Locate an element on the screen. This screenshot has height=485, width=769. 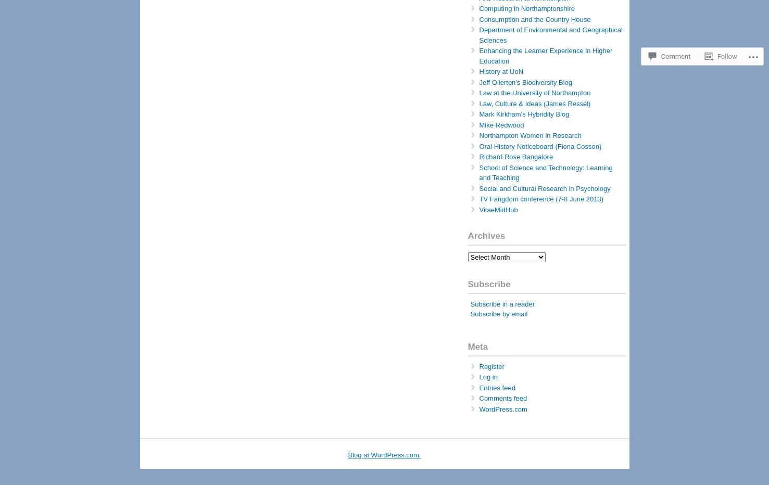
'Entries feed' is located at coordinates (496, 387).